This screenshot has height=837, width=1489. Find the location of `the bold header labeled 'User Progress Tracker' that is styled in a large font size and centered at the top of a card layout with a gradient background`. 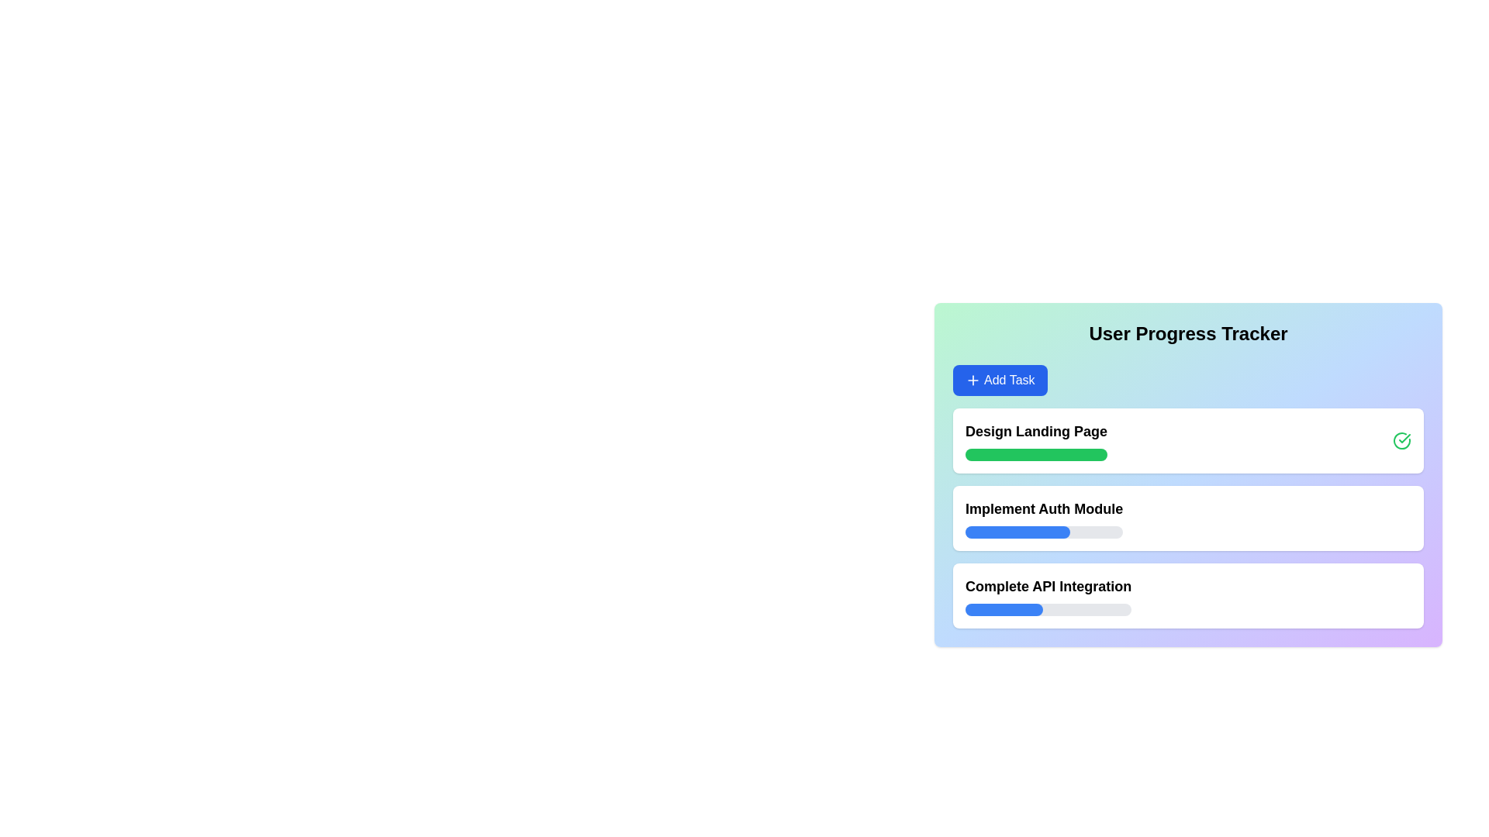

the bold header labeled 'User Progress Tracker' that is styled in a large font size and centered at the top of a card layout with a gradient background is located at coordinates (1187, 333).